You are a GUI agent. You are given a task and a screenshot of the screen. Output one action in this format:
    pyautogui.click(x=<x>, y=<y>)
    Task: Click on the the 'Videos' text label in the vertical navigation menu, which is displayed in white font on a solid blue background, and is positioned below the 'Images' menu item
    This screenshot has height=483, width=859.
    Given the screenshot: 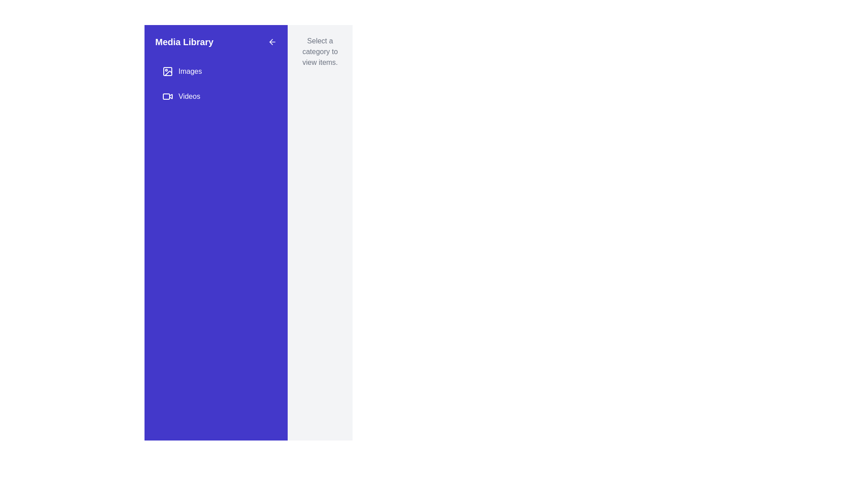 What is the action you would take?
    pyautogui.click(x=189, y=97)
    